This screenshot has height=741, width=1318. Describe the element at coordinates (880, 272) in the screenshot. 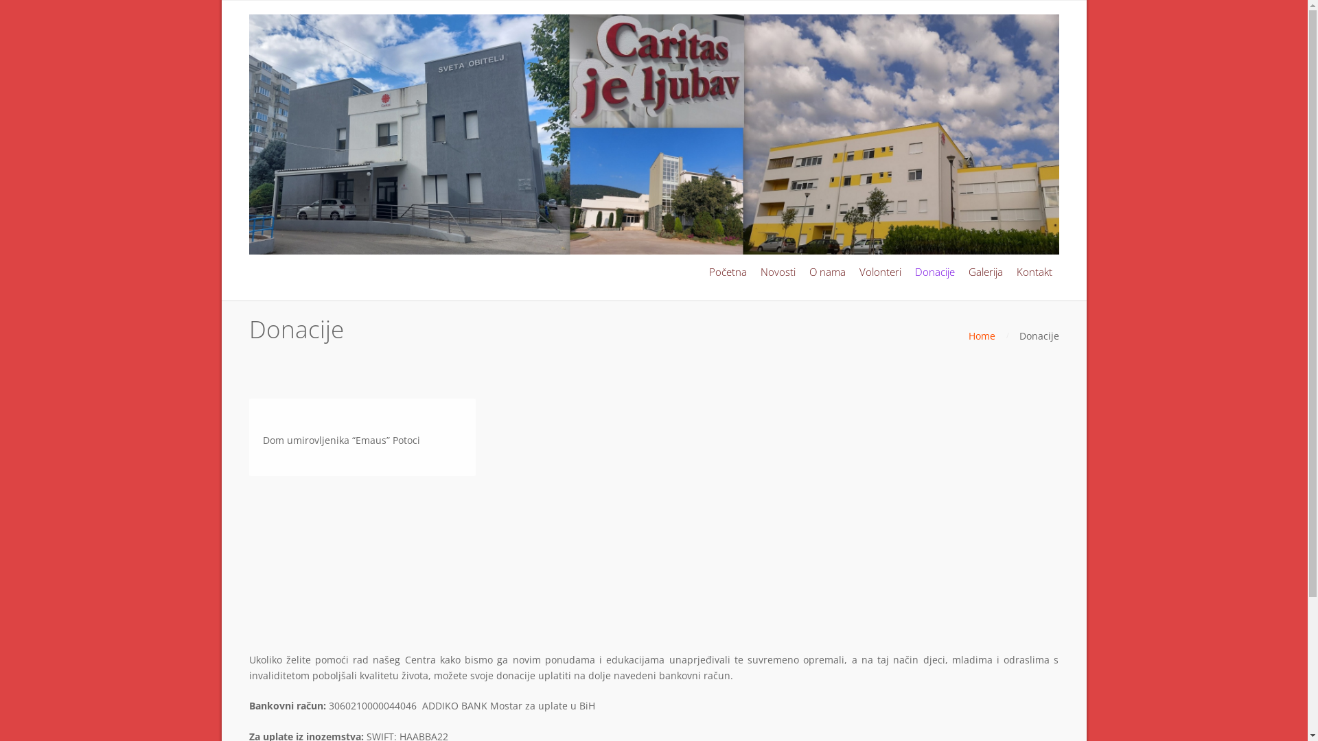

I see `'Volonteri'` at that location.